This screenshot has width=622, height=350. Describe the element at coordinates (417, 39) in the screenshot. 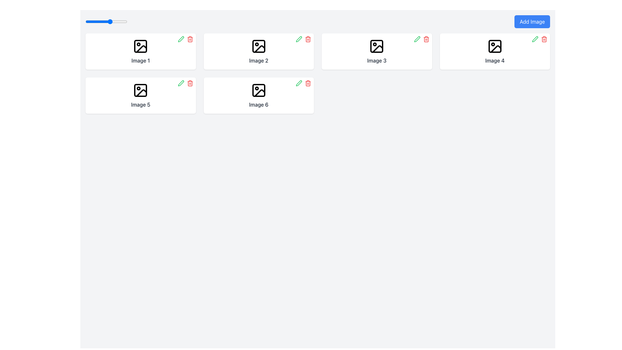

I see `the edit icon, which is the leftmost icon in the flex arrangement of action buttons located at the top-right corner of each image card, to initiate editing` at that location.